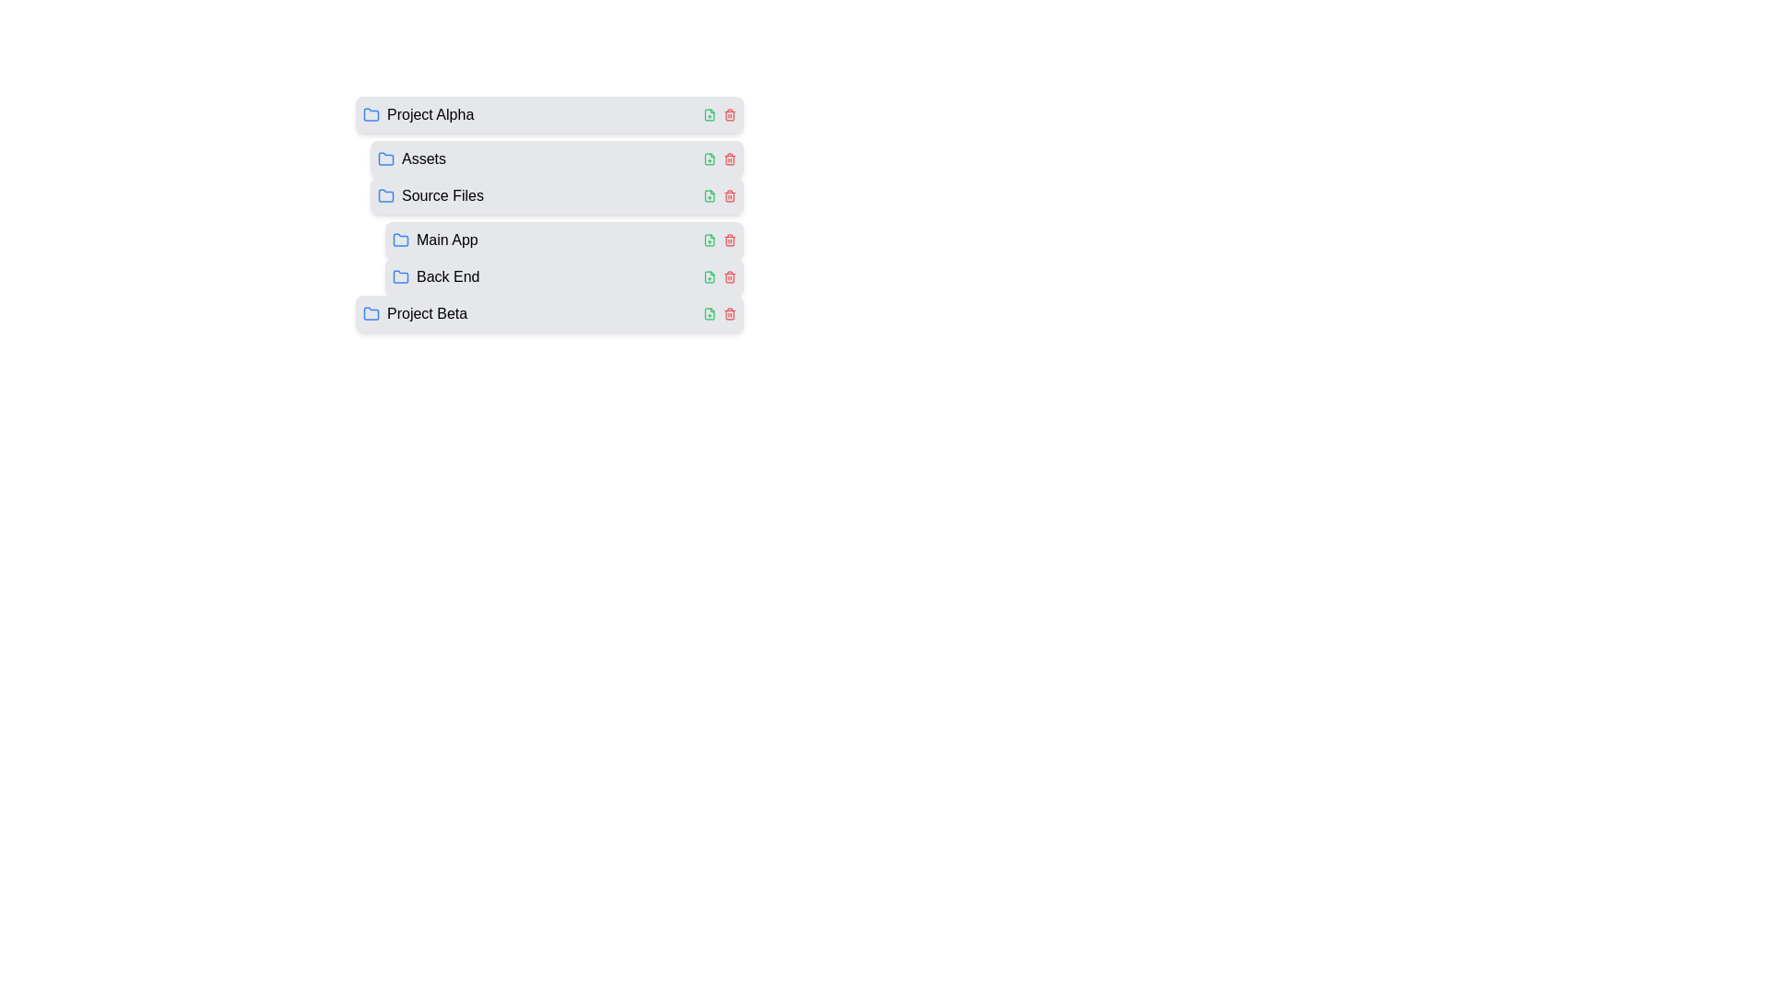  I want to click on the icon located to the left of the 'Main App' text label, so click(400, 240).